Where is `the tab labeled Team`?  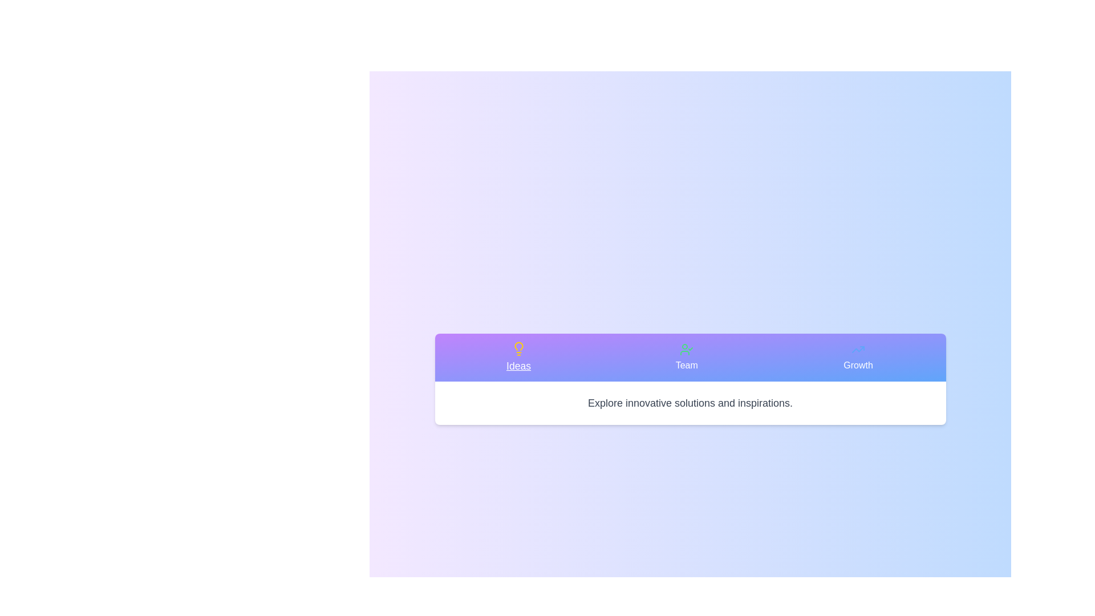
the tab labeled Team is located at coordinates (686, 357).